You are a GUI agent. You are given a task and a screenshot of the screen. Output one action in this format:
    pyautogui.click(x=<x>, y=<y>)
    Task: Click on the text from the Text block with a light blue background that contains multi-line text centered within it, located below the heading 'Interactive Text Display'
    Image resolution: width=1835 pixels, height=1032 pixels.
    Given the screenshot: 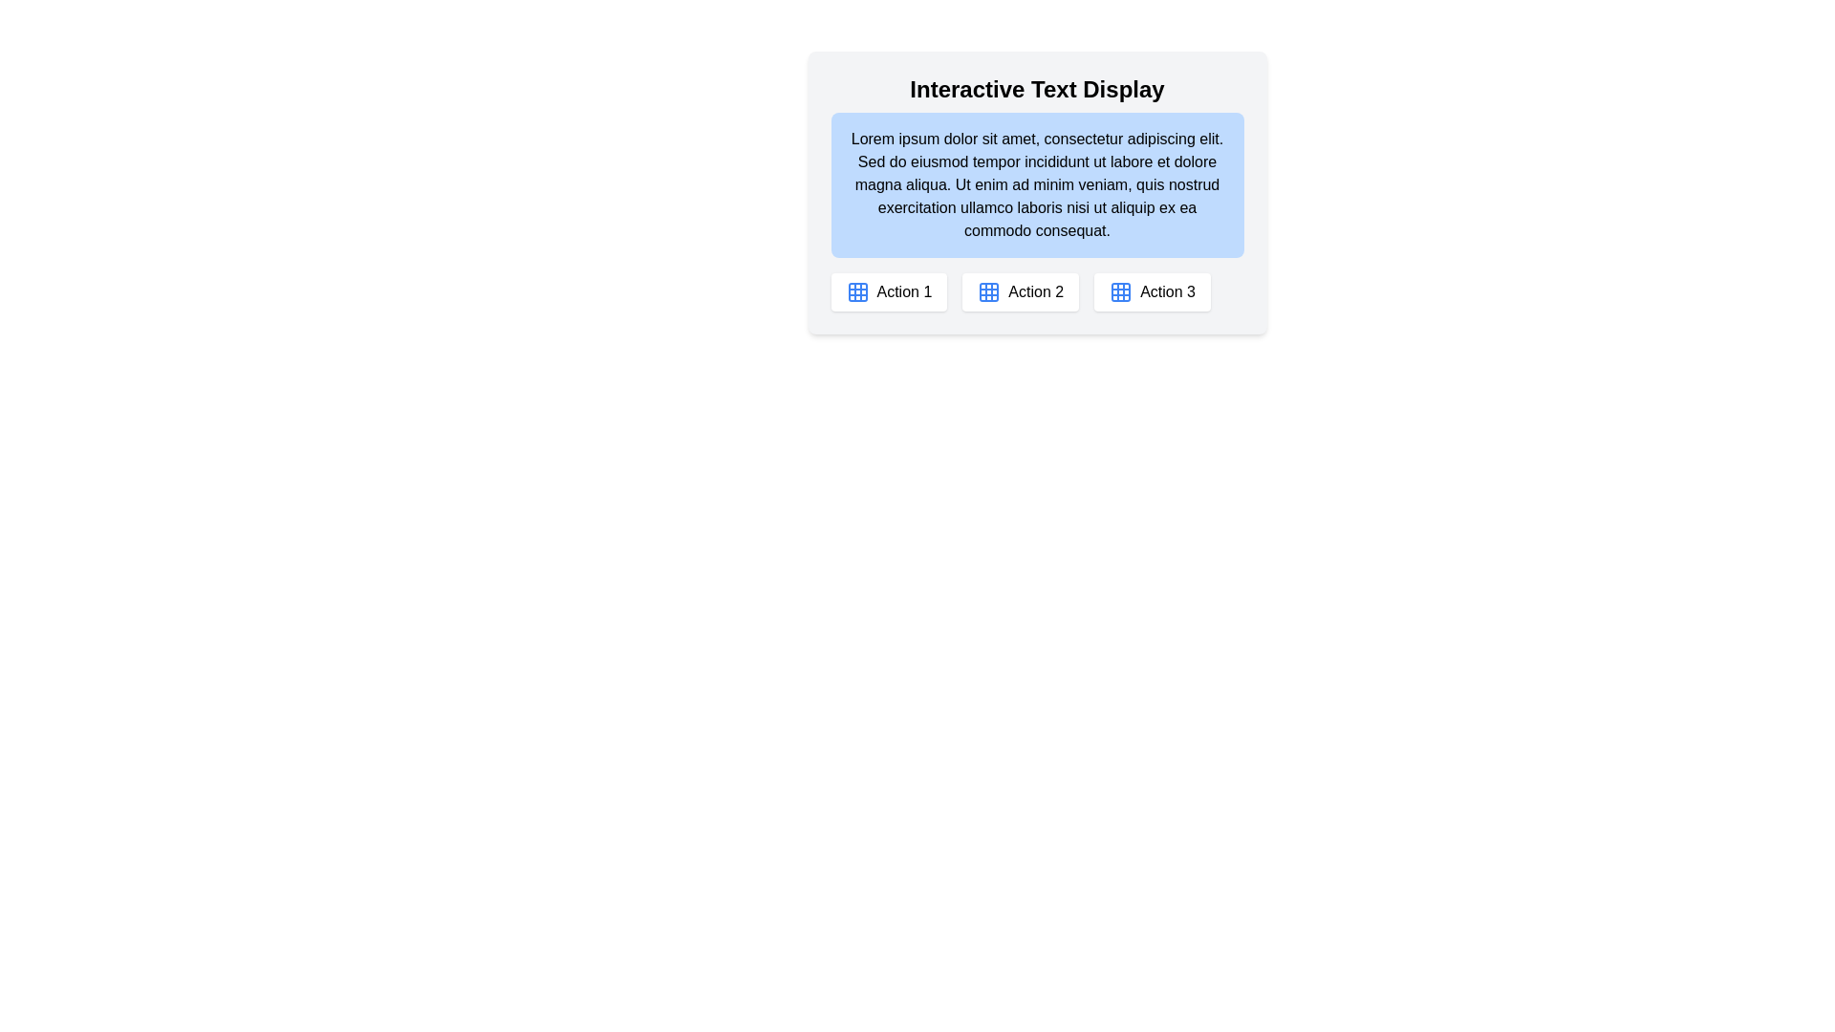 What is the action you would take?
    pyautogui.click(x=1036, y=184)
    